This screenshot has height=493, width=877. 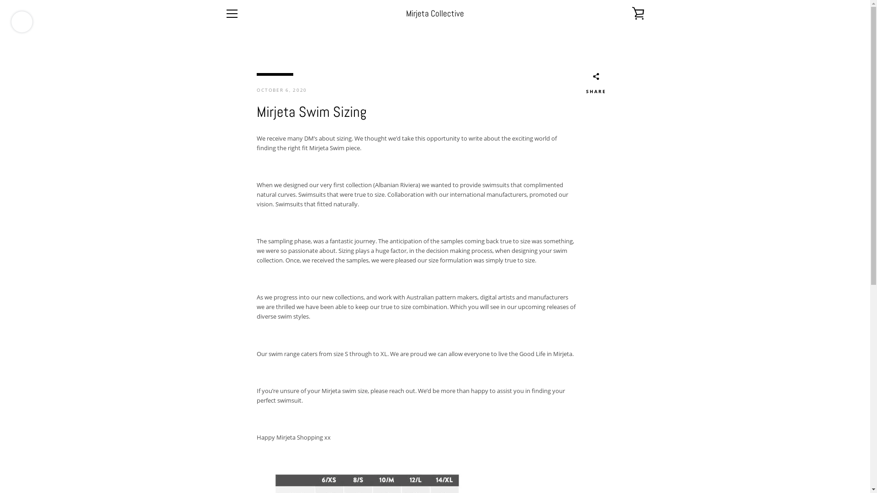 I want to click on 'Mirjeta Collective', so click(x=434, y=13).